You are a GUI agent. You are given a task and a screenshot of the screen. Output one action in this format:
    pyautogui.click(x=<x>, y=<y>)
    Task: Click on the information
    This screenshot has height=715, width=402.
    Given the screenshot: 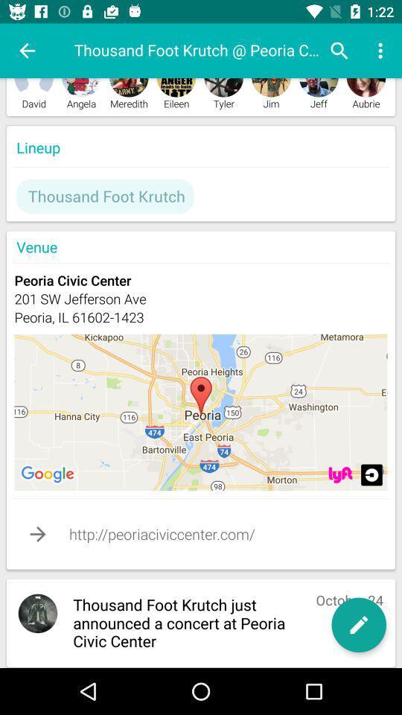 What is the action you would take?
    pyautogui.click(x=371, y=474)
    